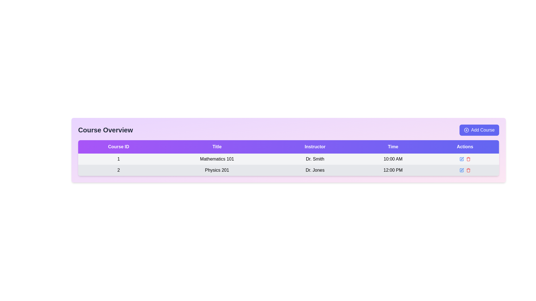  I want to click on the static text indicating the scheduled time for the course 'Mathematics 101' taught by 'Dr. Smith' in the 'Time' column of the first data row in the 'Course Overview' table, so click(393, 159).